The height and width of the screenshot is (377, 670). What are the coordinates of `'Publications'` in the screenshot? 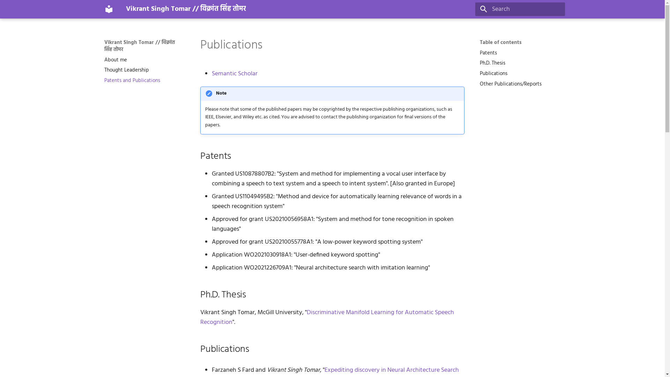 It's located at (519, 74).